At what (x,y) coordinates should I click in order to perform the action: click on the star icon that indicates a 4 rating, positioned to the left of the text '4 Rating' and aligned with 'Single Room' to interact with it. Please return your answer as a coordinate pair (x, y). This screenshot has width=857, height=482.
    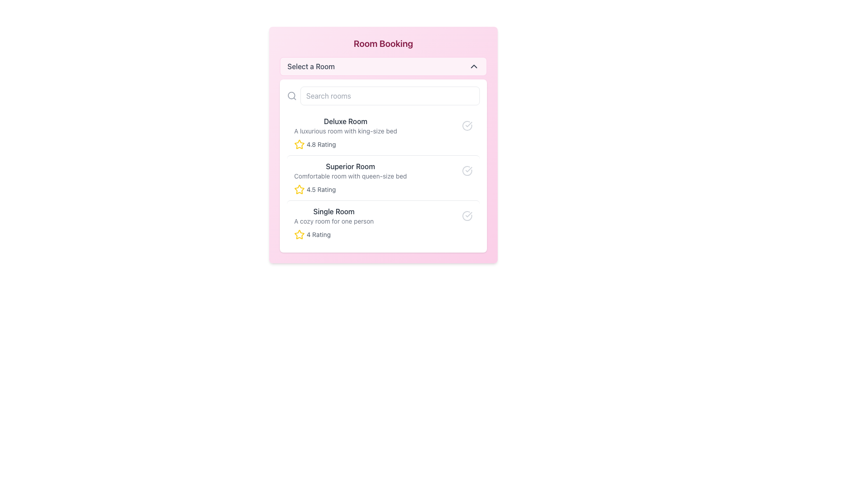
    Looking at the image, I should click on (300, 234).